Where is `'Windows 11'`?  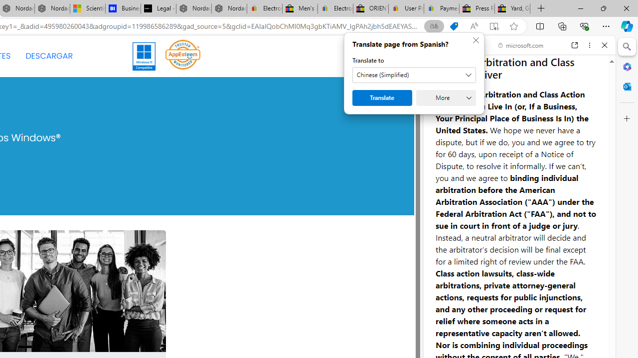
'Windows 11' is located at coordinates (144, 56).